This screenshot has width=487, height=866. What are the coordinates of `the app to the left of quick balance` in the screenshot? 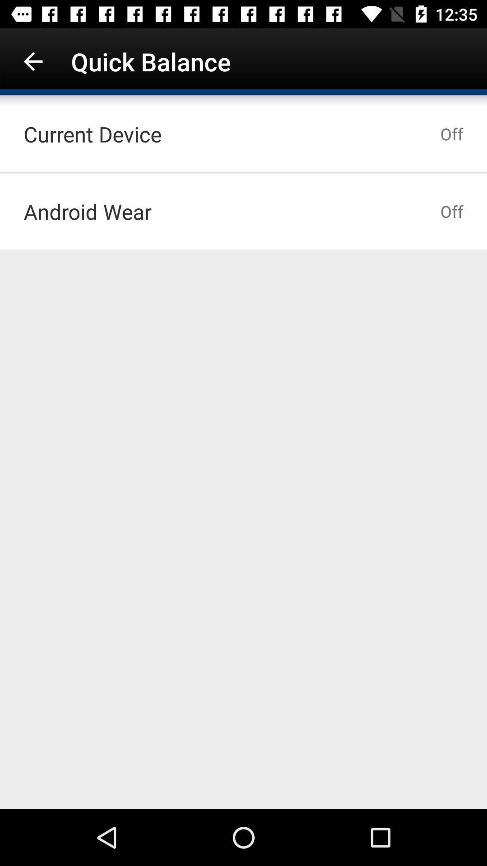 It's located at (32, 61).